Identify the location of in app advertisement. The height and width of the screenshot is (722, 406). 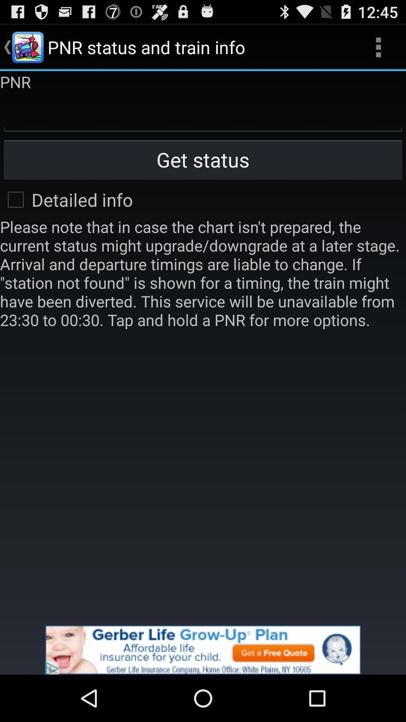
(203, 649).